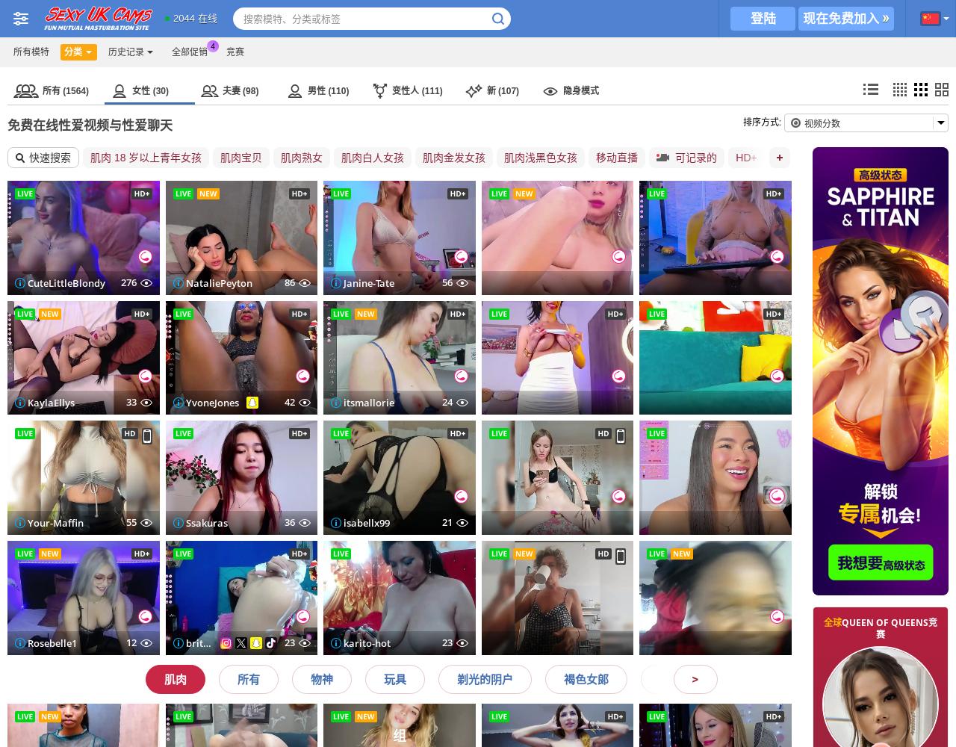 The width and height of the screenshot is (956, 747). Describe the element at coordinates (371, 521) in the screenshot. I see `'-NeZabudka'` at that location.